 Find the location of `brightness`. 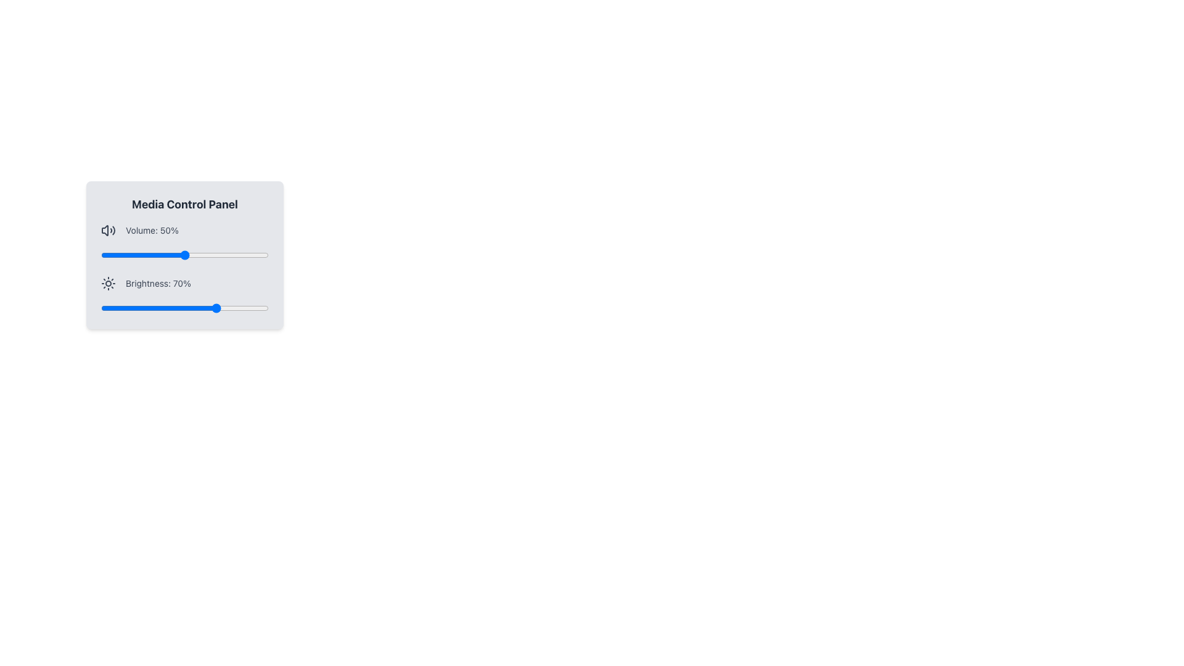

brightness is located at coordinates (174, 308).